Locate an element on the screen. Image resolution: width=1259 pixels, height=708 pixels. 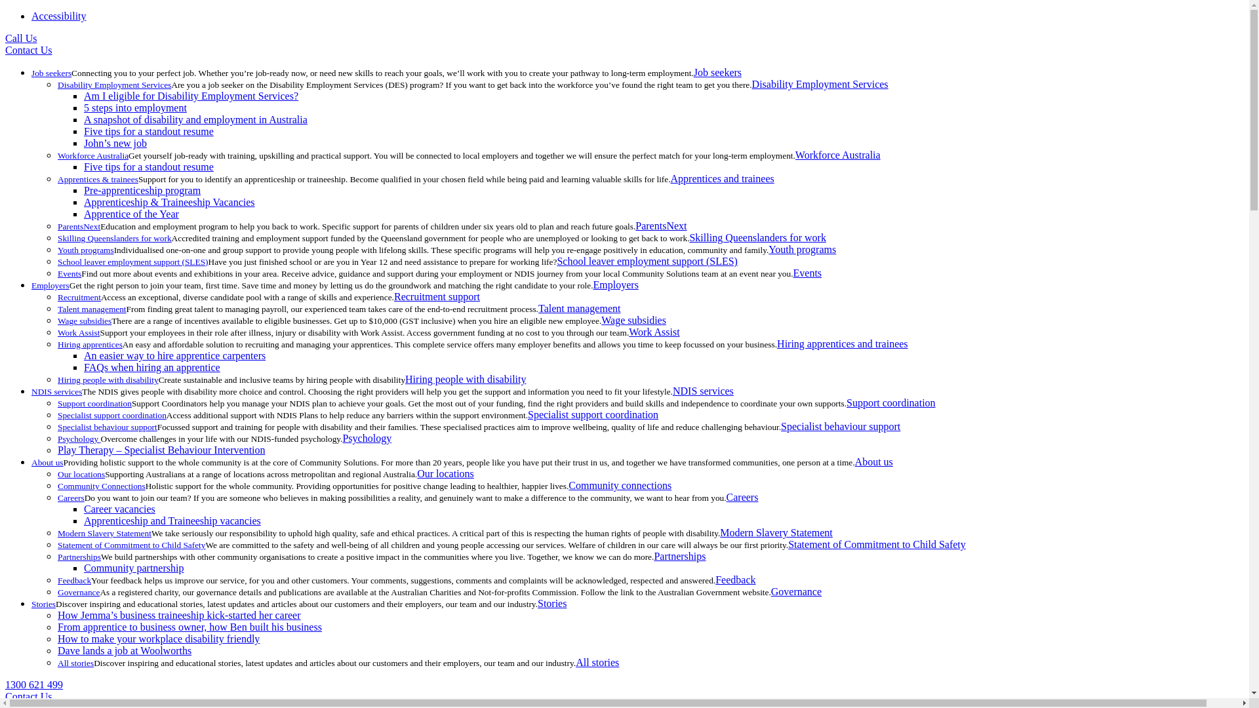
'FAQs when hiring an apprentice' is located at coordinates (151, 367).